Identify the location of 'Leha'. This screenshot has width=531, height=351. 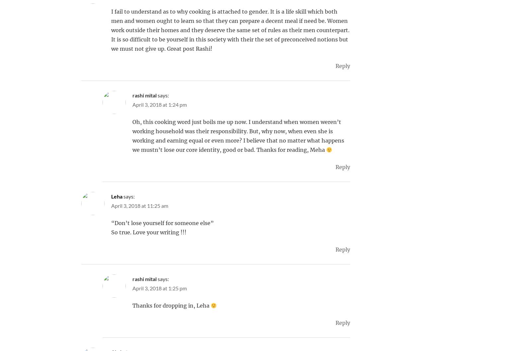
(117, 196).